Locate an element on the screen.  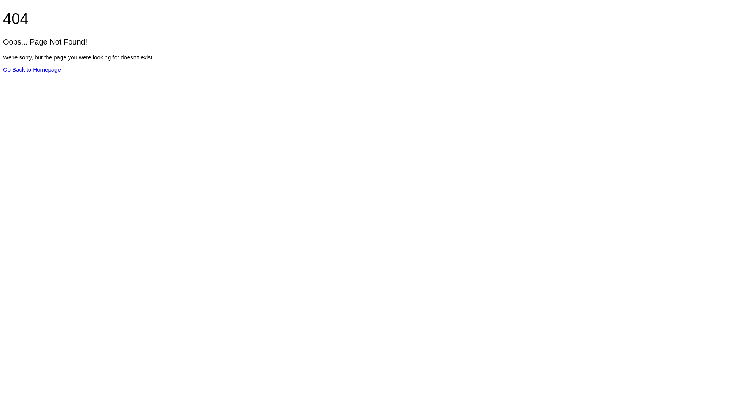
'Go Back to Homepage' is located at coordinates (31, 69).